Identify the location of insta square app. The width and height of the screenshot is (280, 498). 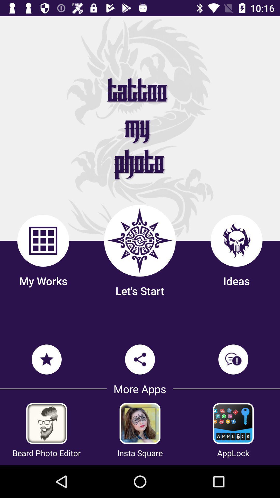
(140, 423).